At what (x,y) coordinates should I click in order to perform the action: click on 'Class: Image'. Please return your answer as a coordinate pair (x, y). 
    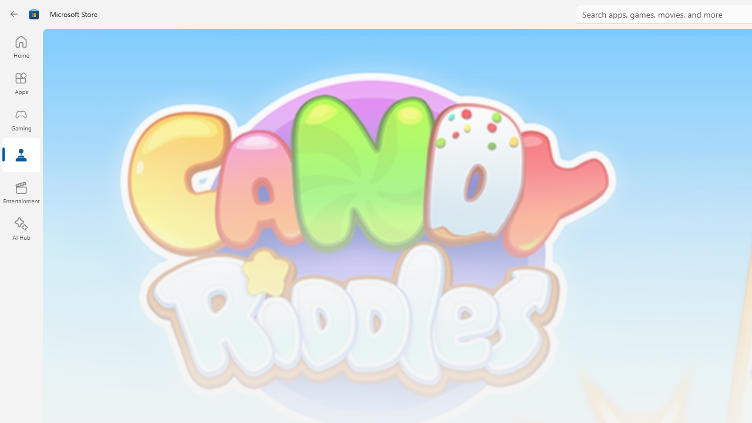
    Looking at the image, I should click on (16, 14).